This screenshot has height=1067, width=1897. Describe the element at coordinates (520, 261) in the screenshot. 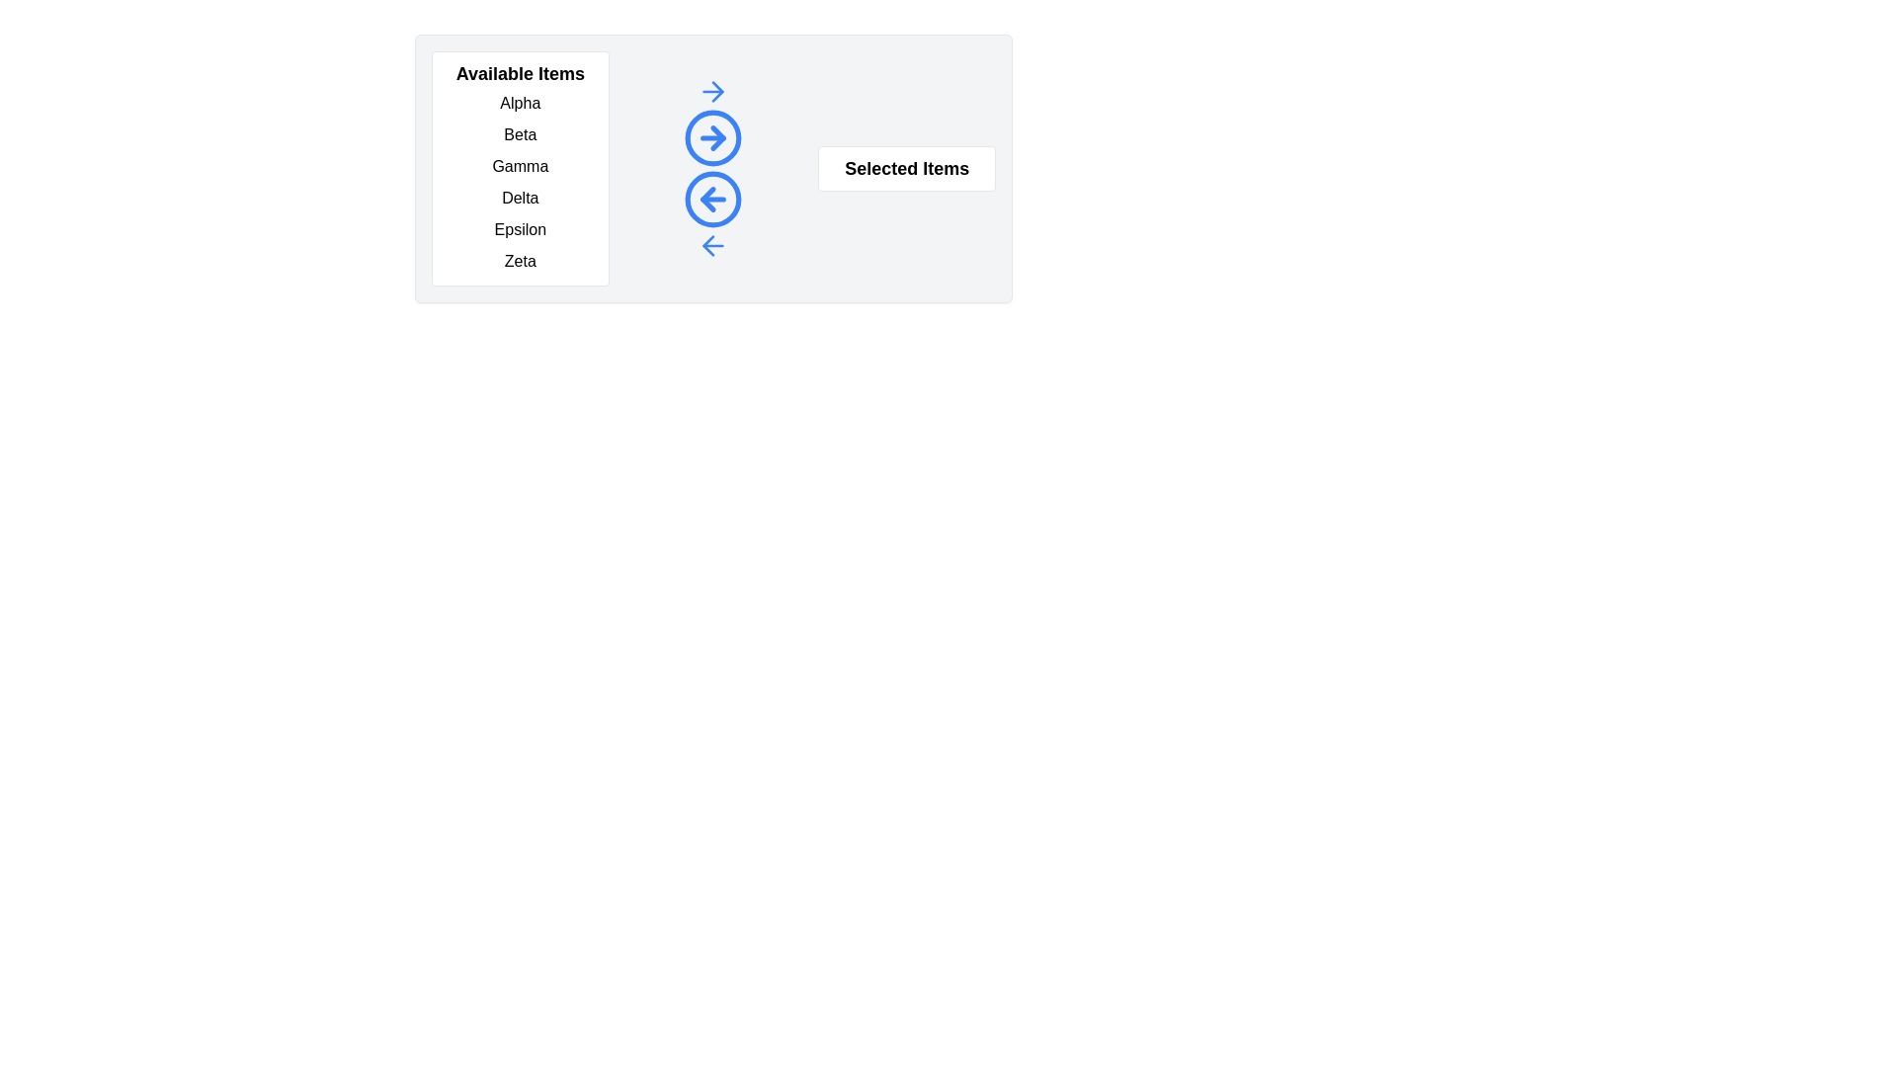

I see `the item Zeta in the Available Items list` at that location.